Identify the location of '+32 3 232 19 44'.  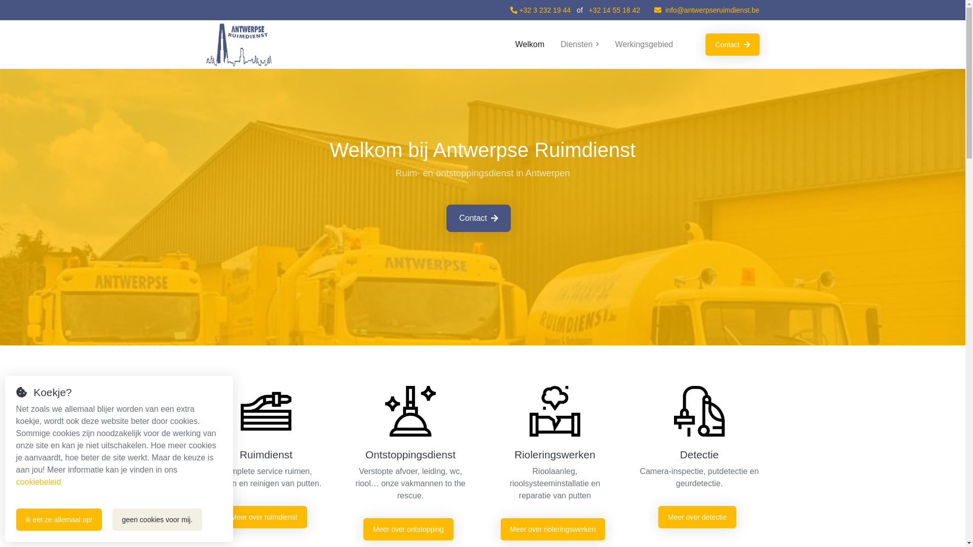
(540, 10).